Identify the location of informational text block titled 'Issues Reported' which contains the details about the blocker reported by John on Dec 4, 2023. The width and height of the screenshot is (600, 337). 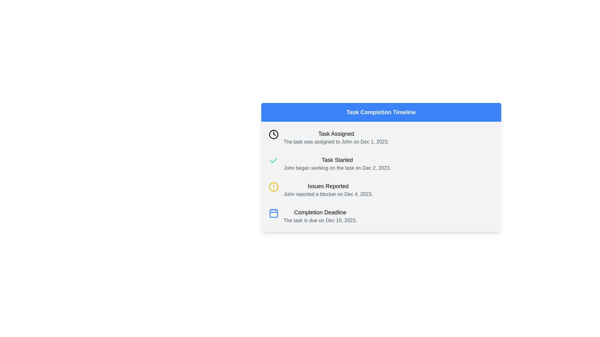
(328, 190).